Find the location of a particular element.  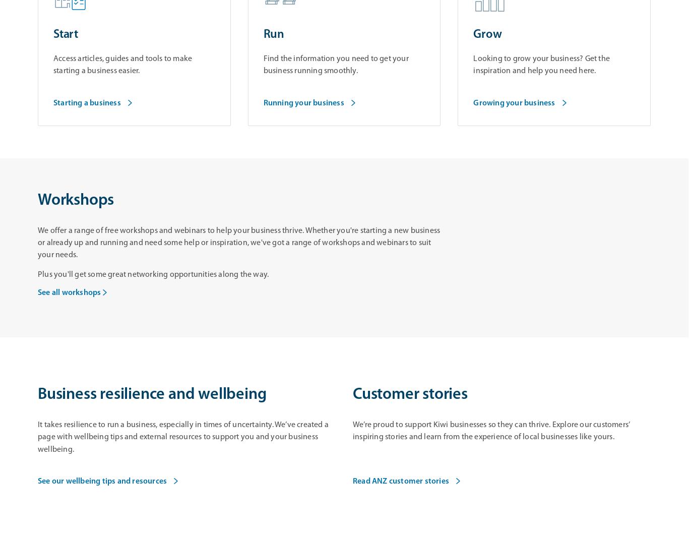

'Run' is located at coordinates (273, 35).